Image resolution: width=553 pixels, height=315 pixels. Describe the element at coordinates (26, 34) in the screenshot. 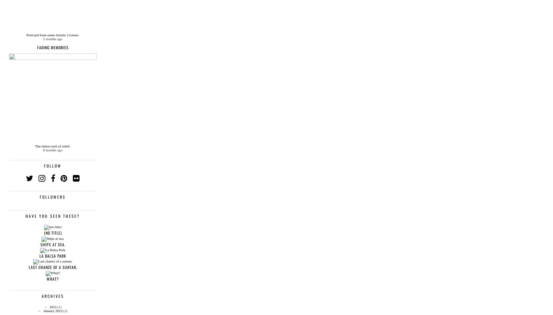

I see `'Postcard from some Artistic License.'` at that location.